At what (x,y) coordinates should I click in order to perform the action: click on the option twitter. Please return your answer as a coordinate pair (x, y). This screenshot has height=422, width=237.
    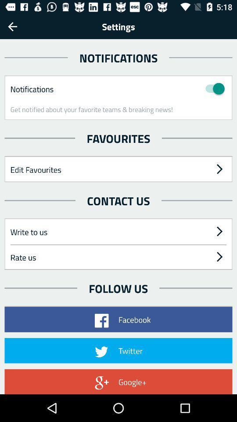
    Looking at the image, I should click on (118, 351).